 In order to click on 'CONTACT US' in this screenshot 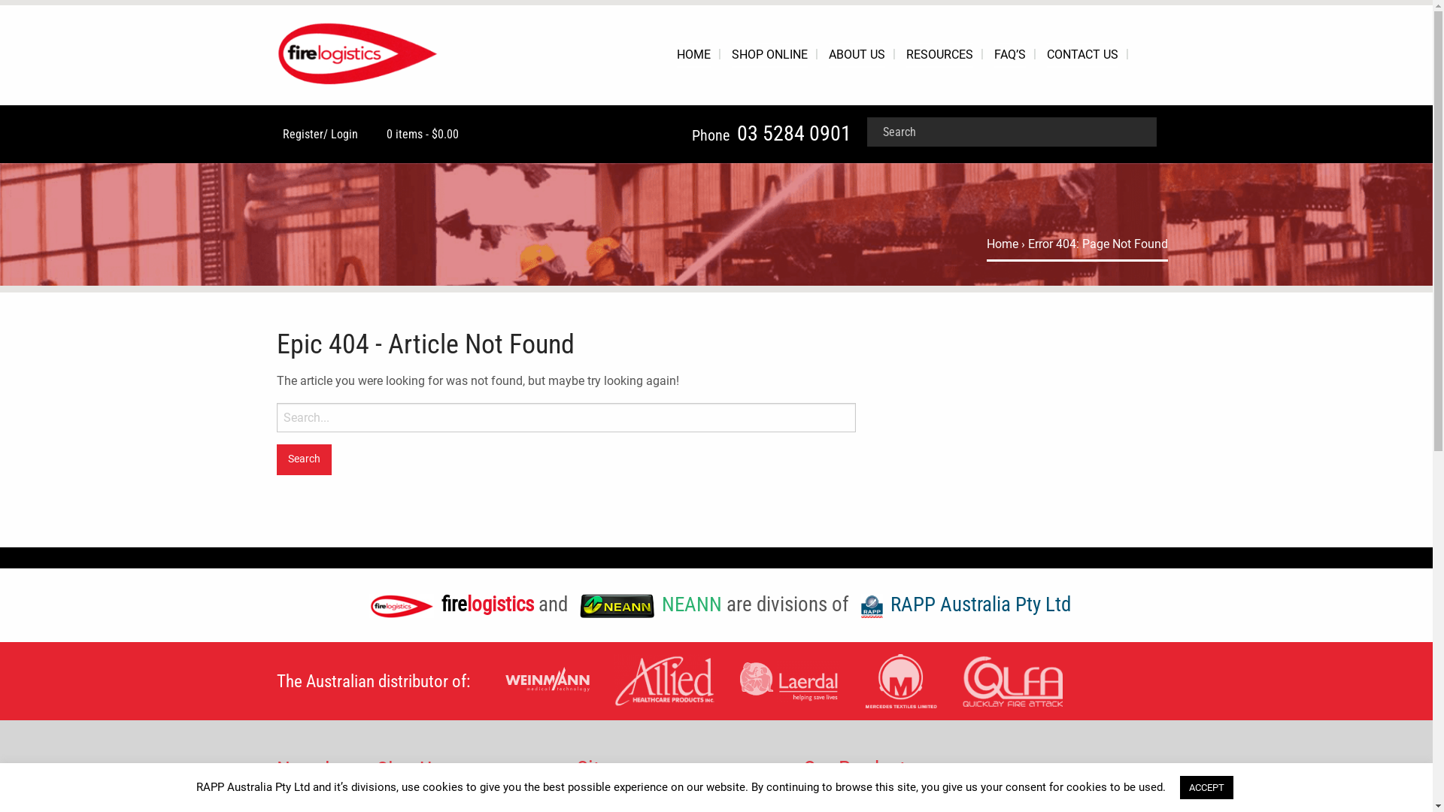, I will do `click(1081, 54)`.